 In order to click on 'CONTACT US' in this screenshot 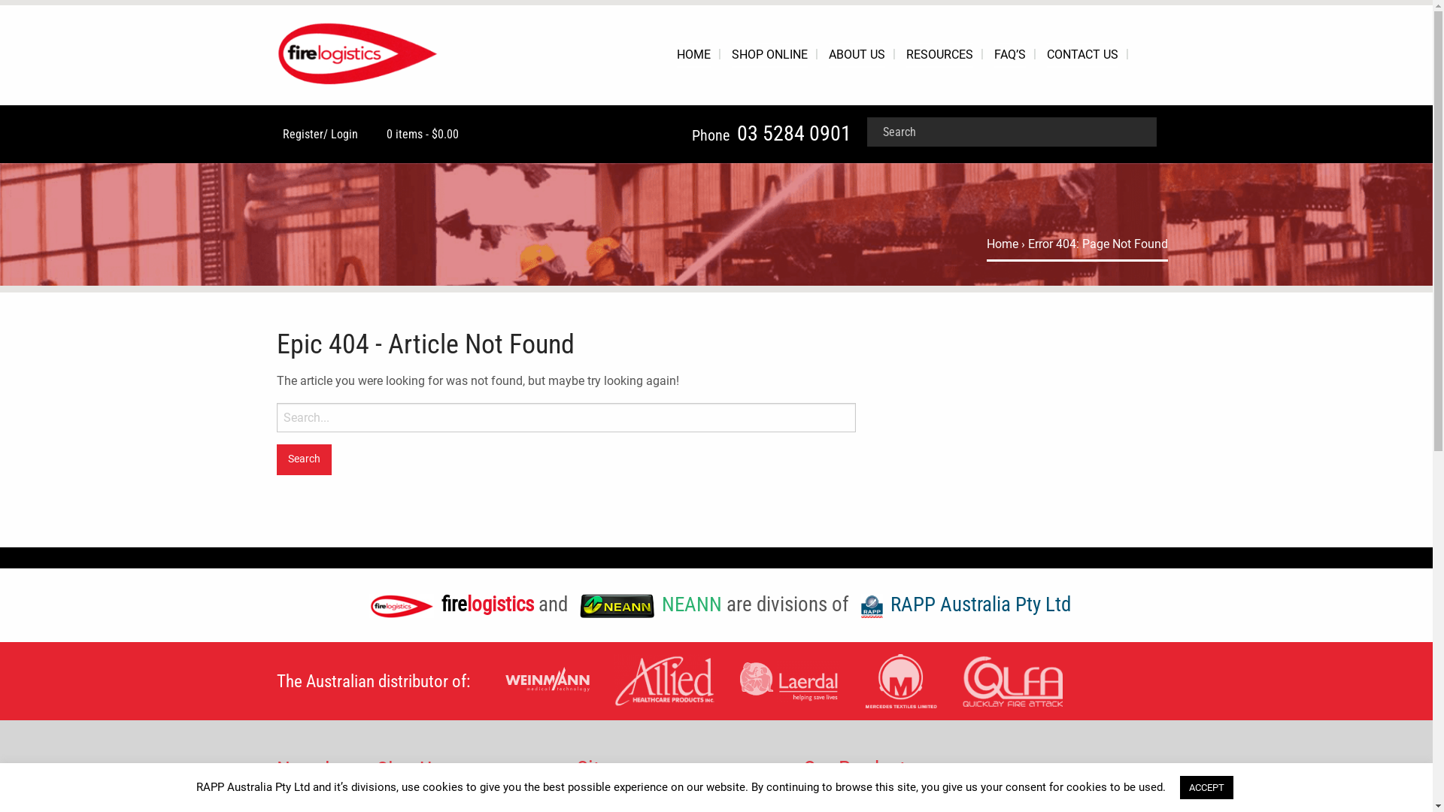, I will do `click(1081, 54)`.